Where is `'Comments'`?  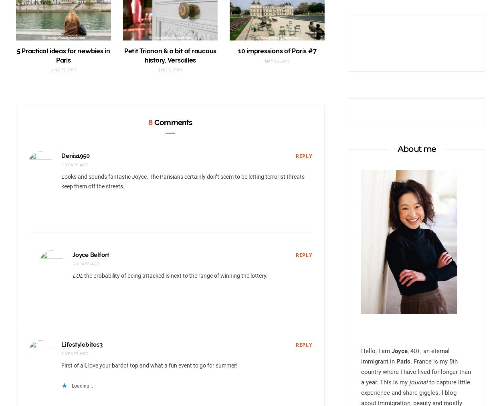 'Comments' is located at coordinates (172, 121).